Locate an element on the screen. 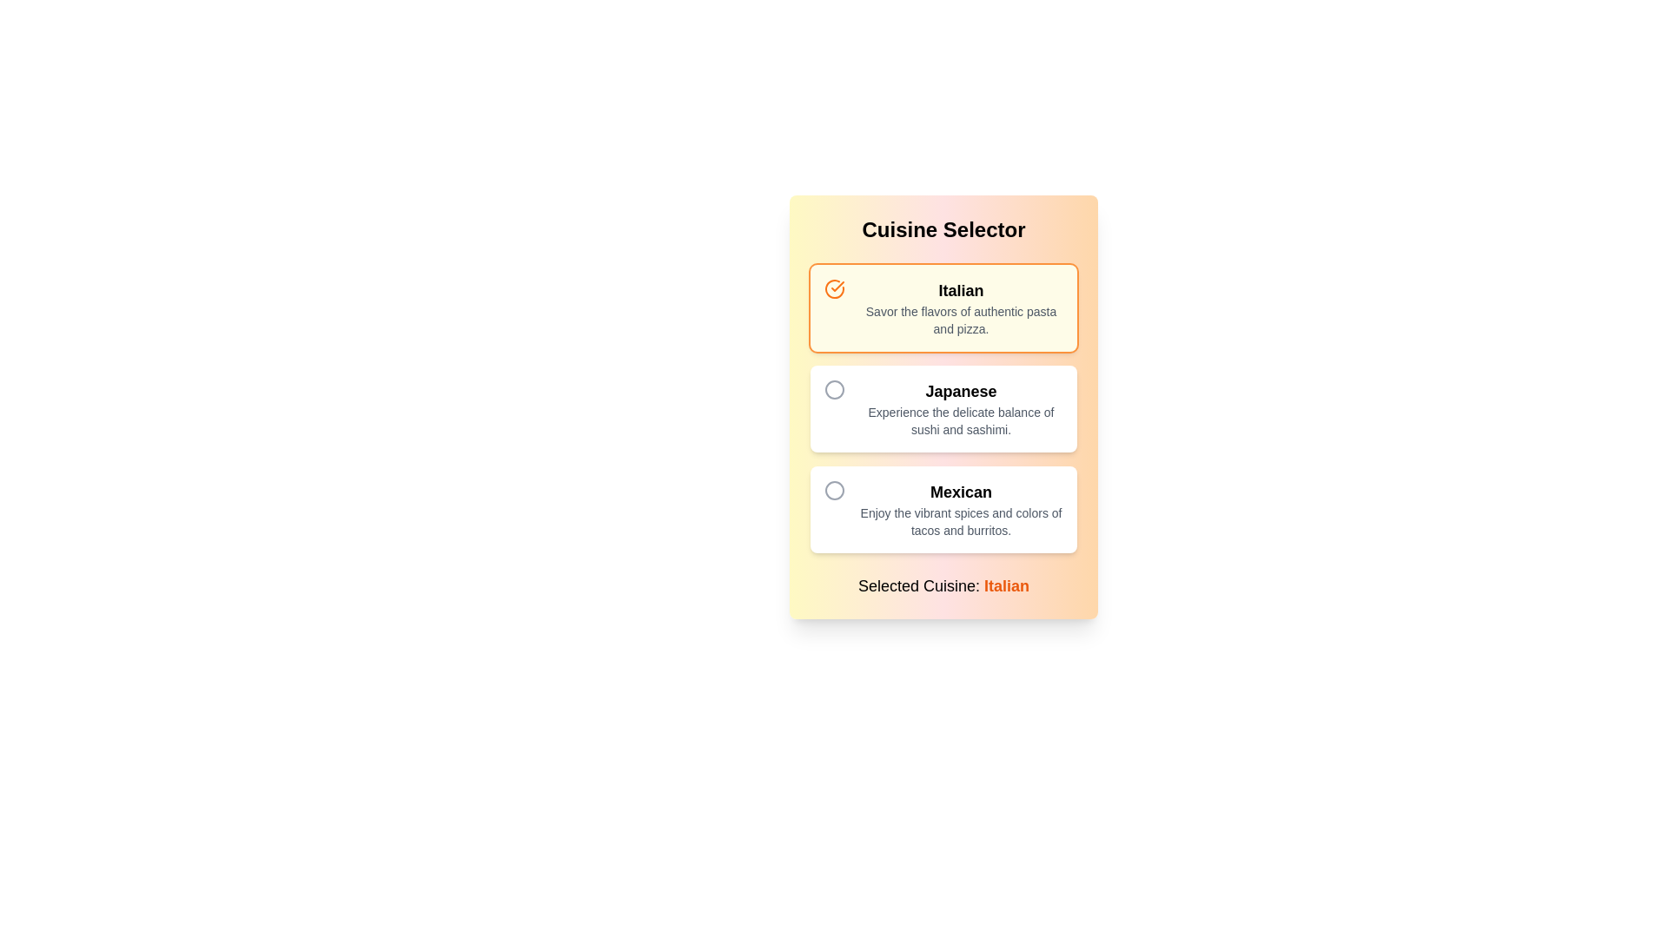 Image resolution: width=1668 pixels, height=938 pixels. the text reading 'Savor the flavors of authentic pasta and pizza,' which is located beneath the bold heading 'Italian' in the cuisine options list is located at coordinates (960, 320).